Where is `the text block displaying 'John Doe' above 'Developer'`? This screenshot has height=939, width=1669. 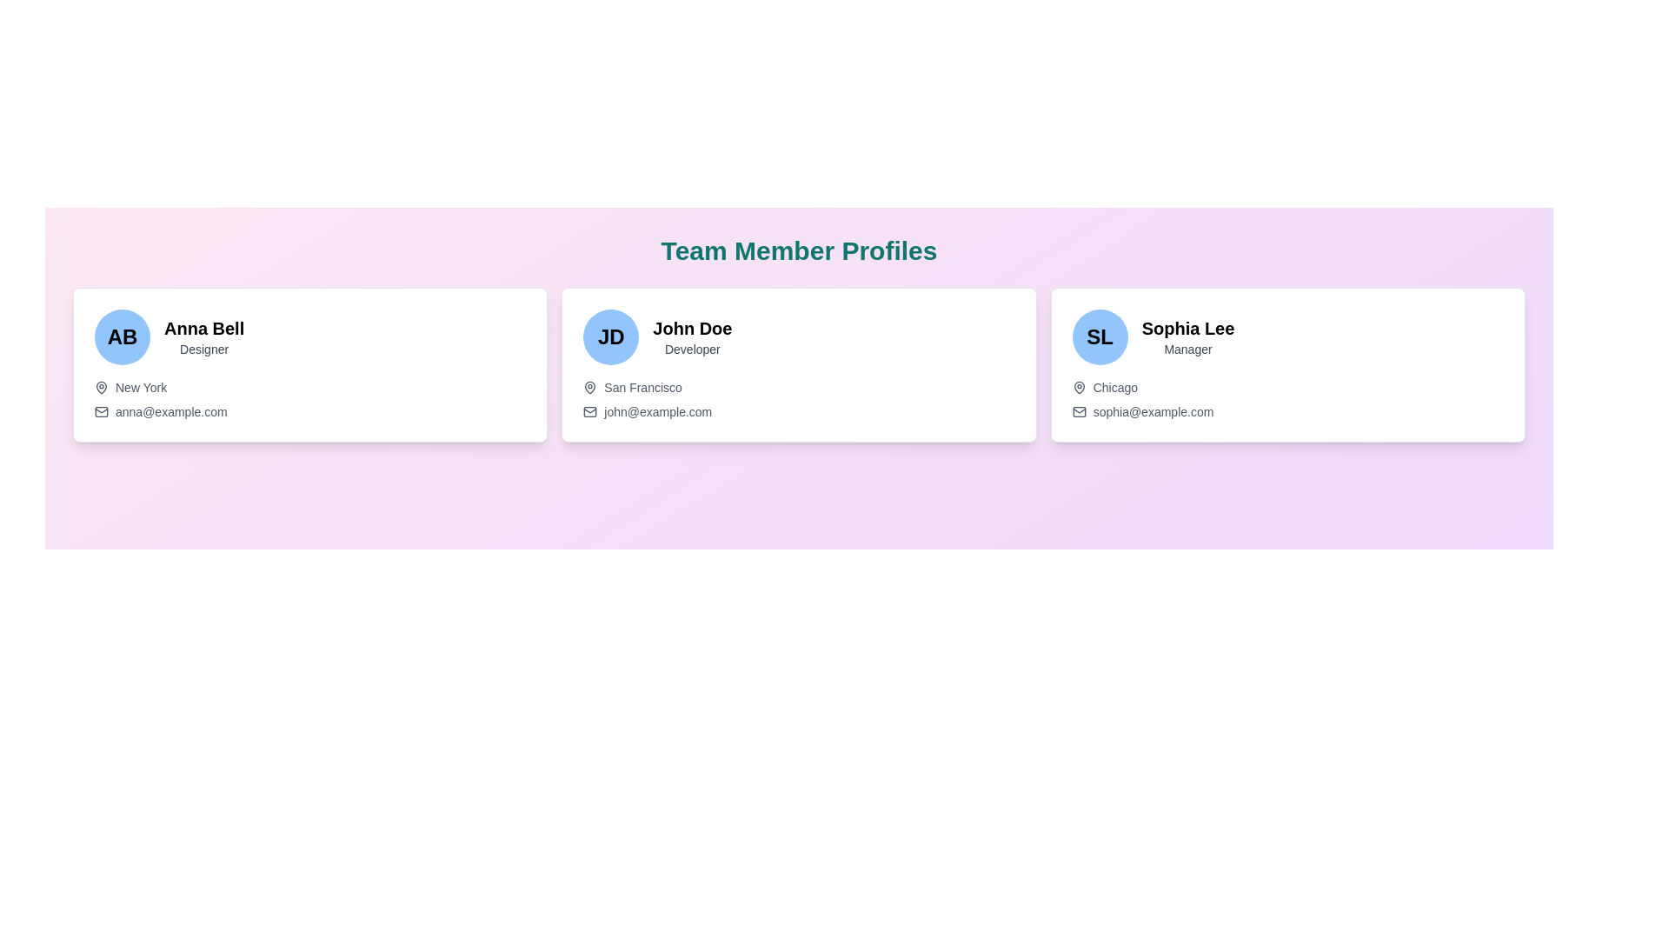 the text block displaying 'John Doe' above 'Developer' is located at coordinates (691, 337).